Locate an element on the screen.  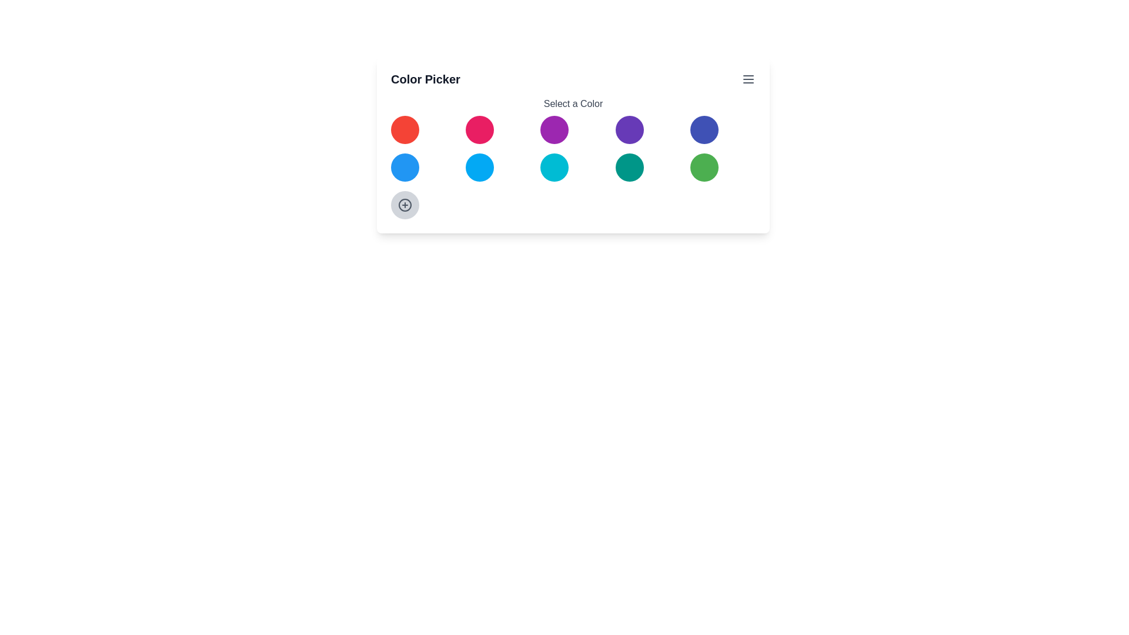
the color circle with color purple is located at coordinates (553, 129).